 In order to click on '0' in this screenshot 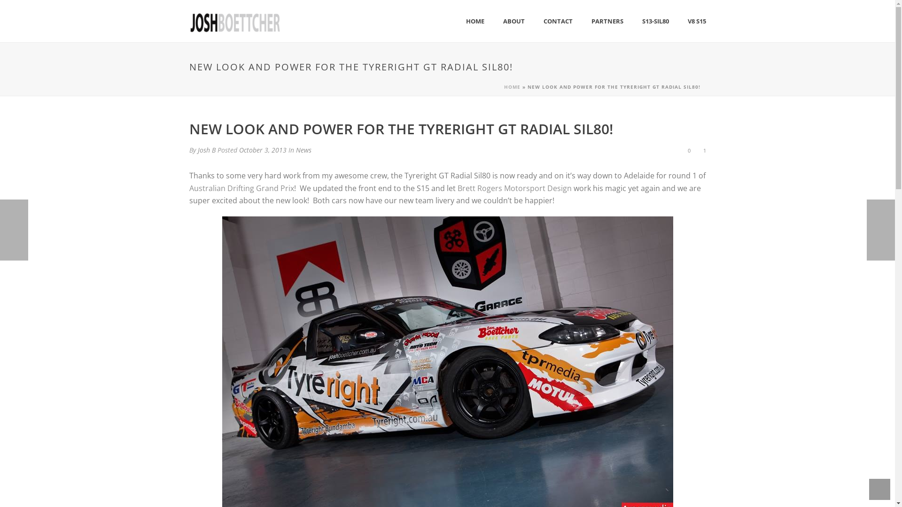, I will do `click(688, 150)`.